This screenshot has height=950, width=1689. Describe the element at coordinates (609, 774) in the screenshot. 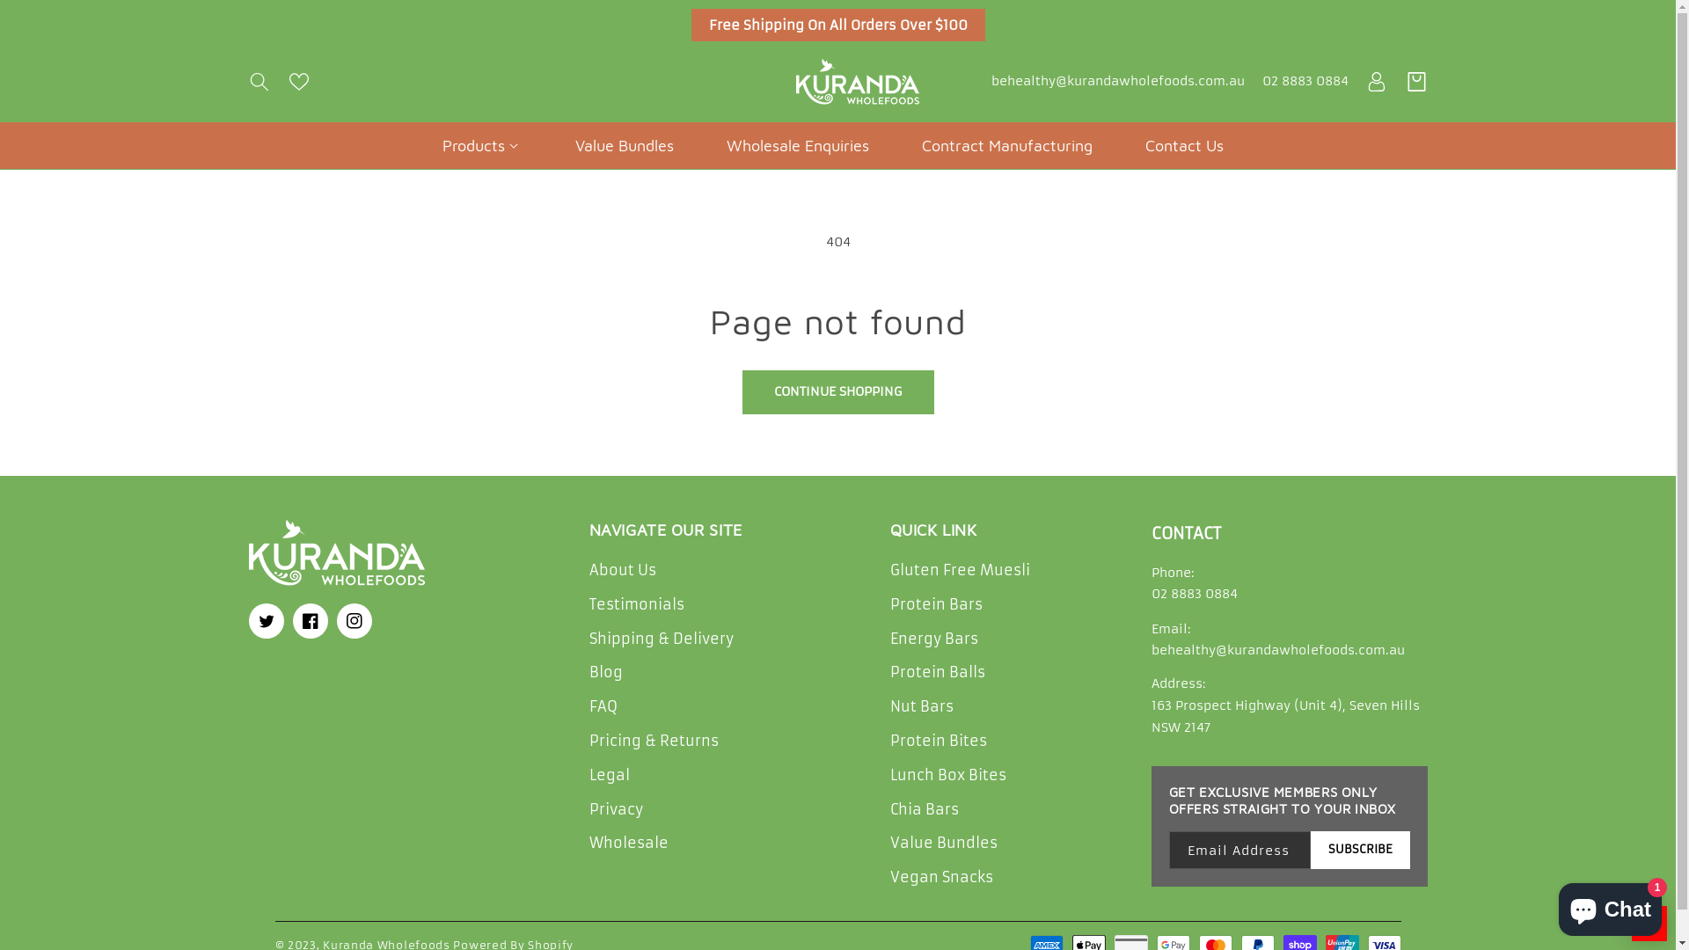

I see `'Legal'` at that location.